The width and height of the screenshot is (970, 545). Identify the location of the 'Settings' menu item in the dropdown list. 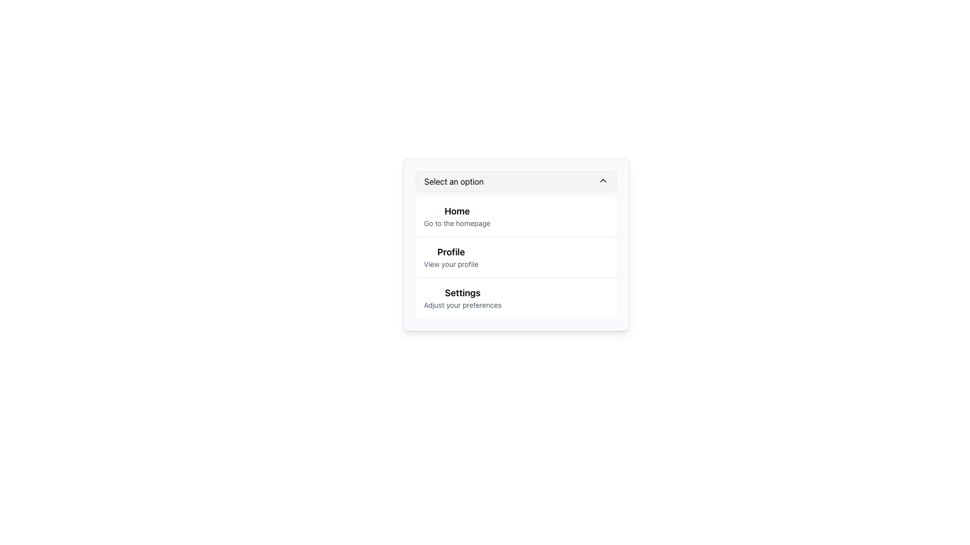
(516, 297).